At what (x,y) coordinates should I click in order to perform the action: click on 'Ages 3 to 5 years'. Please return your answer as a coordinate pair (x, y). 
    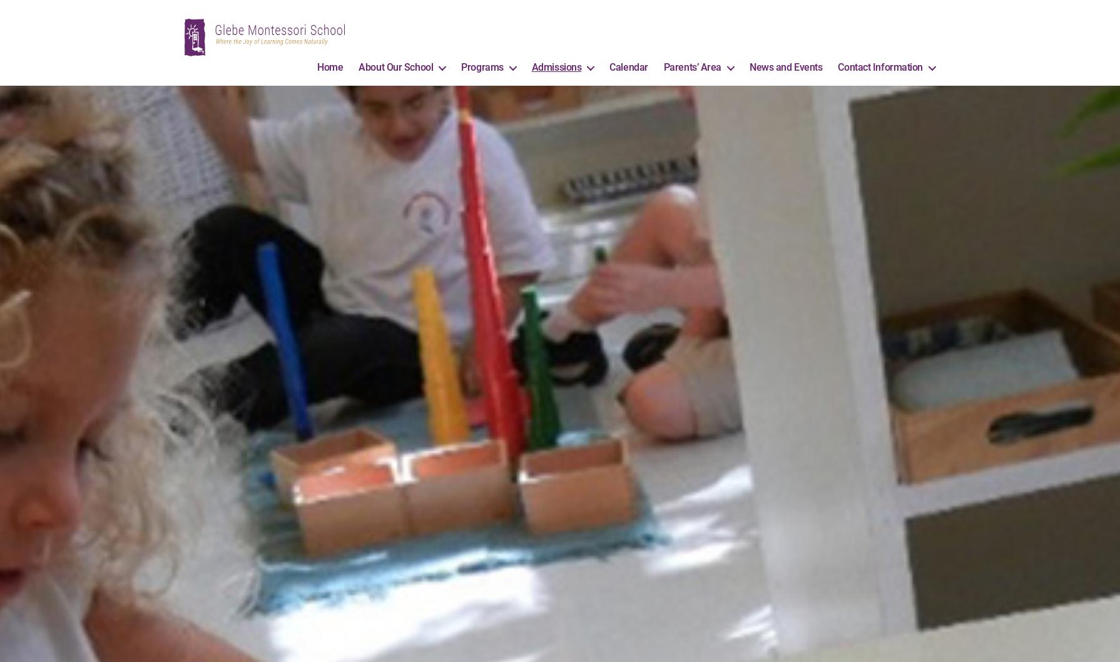
    Looking at the image, I should click on (522, 352).